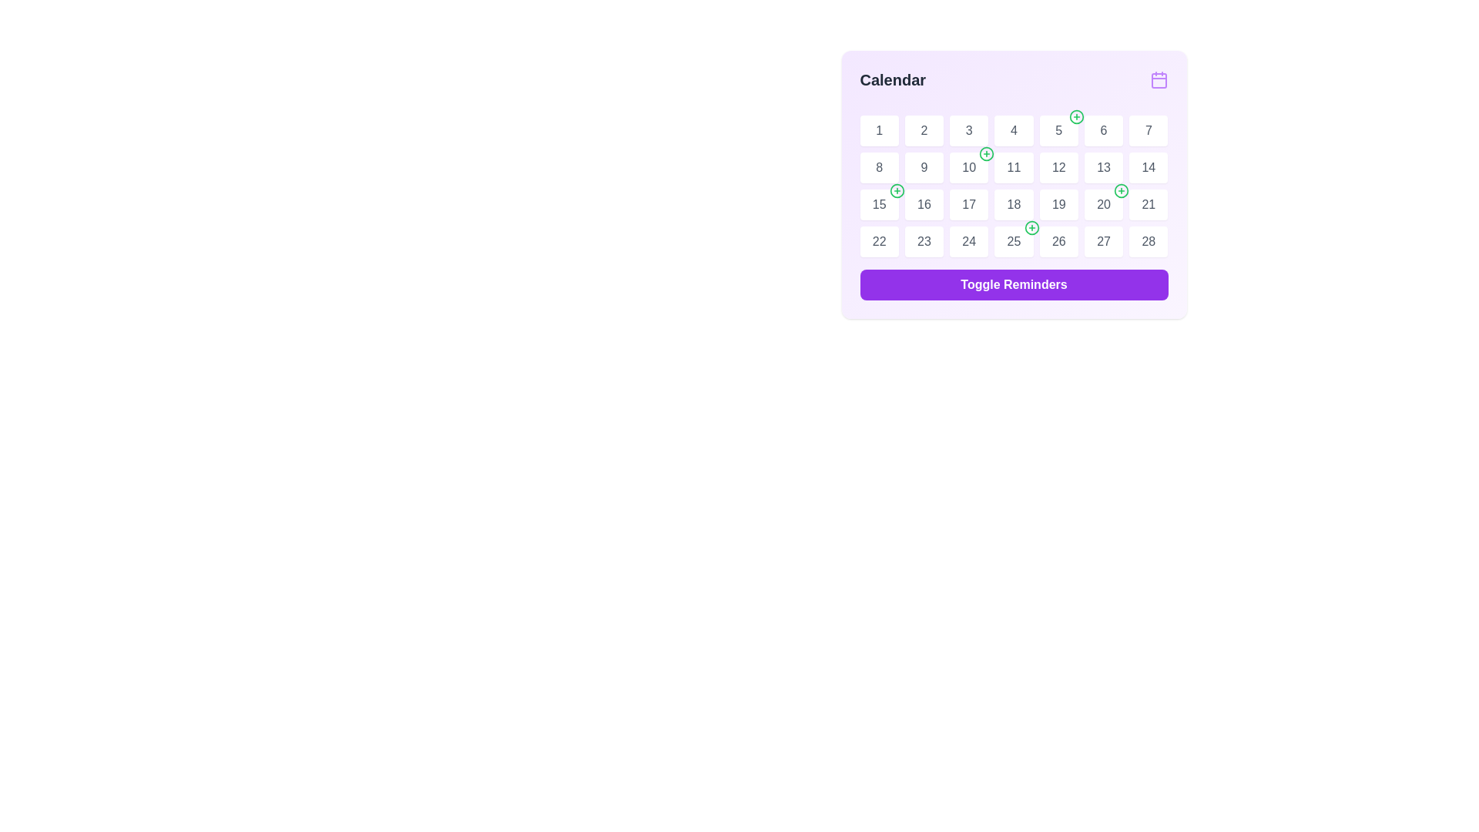 Image resolution: width=1479 pixels, height=832 pixels. What do you see at coordinates (1122, 190) in the screenshot?
I see `the circular icon button with a green outline and plus symbol, located at the top-right corner of the box displaying the number '20' in the calendar grid` at bounding box center [1122, 190].